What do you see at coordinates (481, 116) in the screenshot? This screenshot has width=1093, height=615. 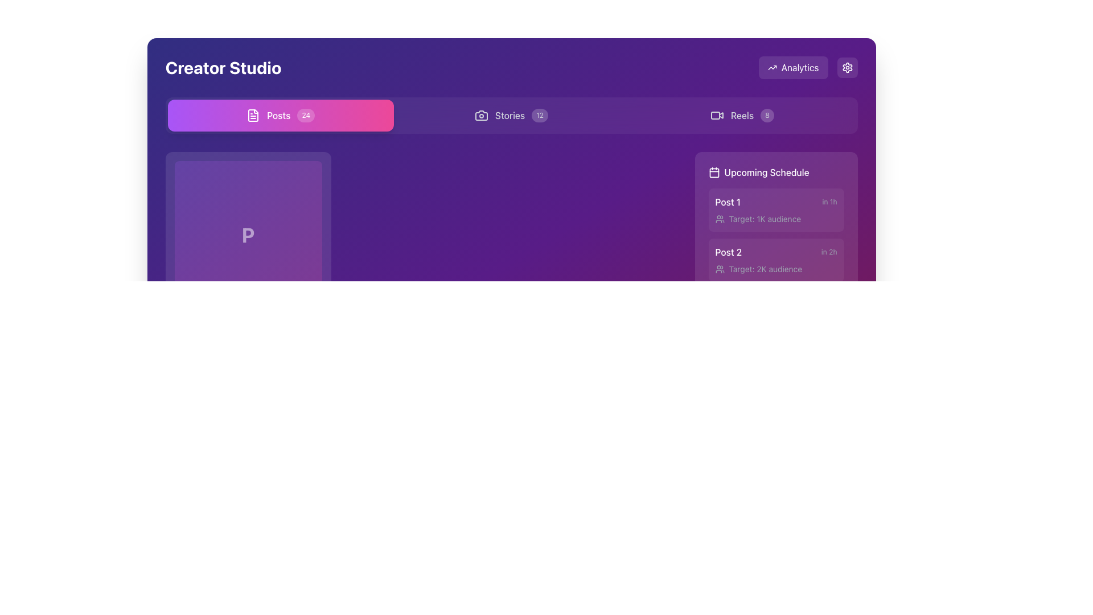 I see `the camera icon located in the 'Stories' section of the navigation bar` at bounding box center [481, 116].